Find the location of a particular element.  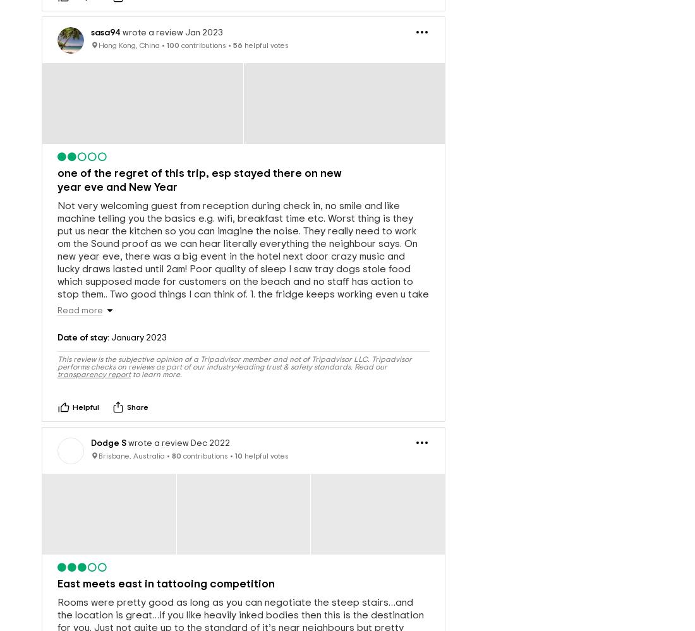

'Rooms were pretty good as long as you can negotiate the steep stairs…and the location is great…if you like heavily inked bodies then this is the destination for you. Just not quite up to the standard of it’s near neighbours but pretty affordable' is located at coordinates (241, 600).